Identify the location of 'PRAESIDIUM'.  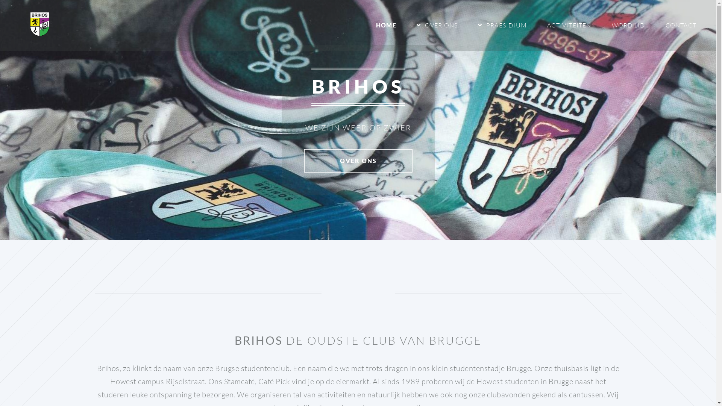
(472, 25).